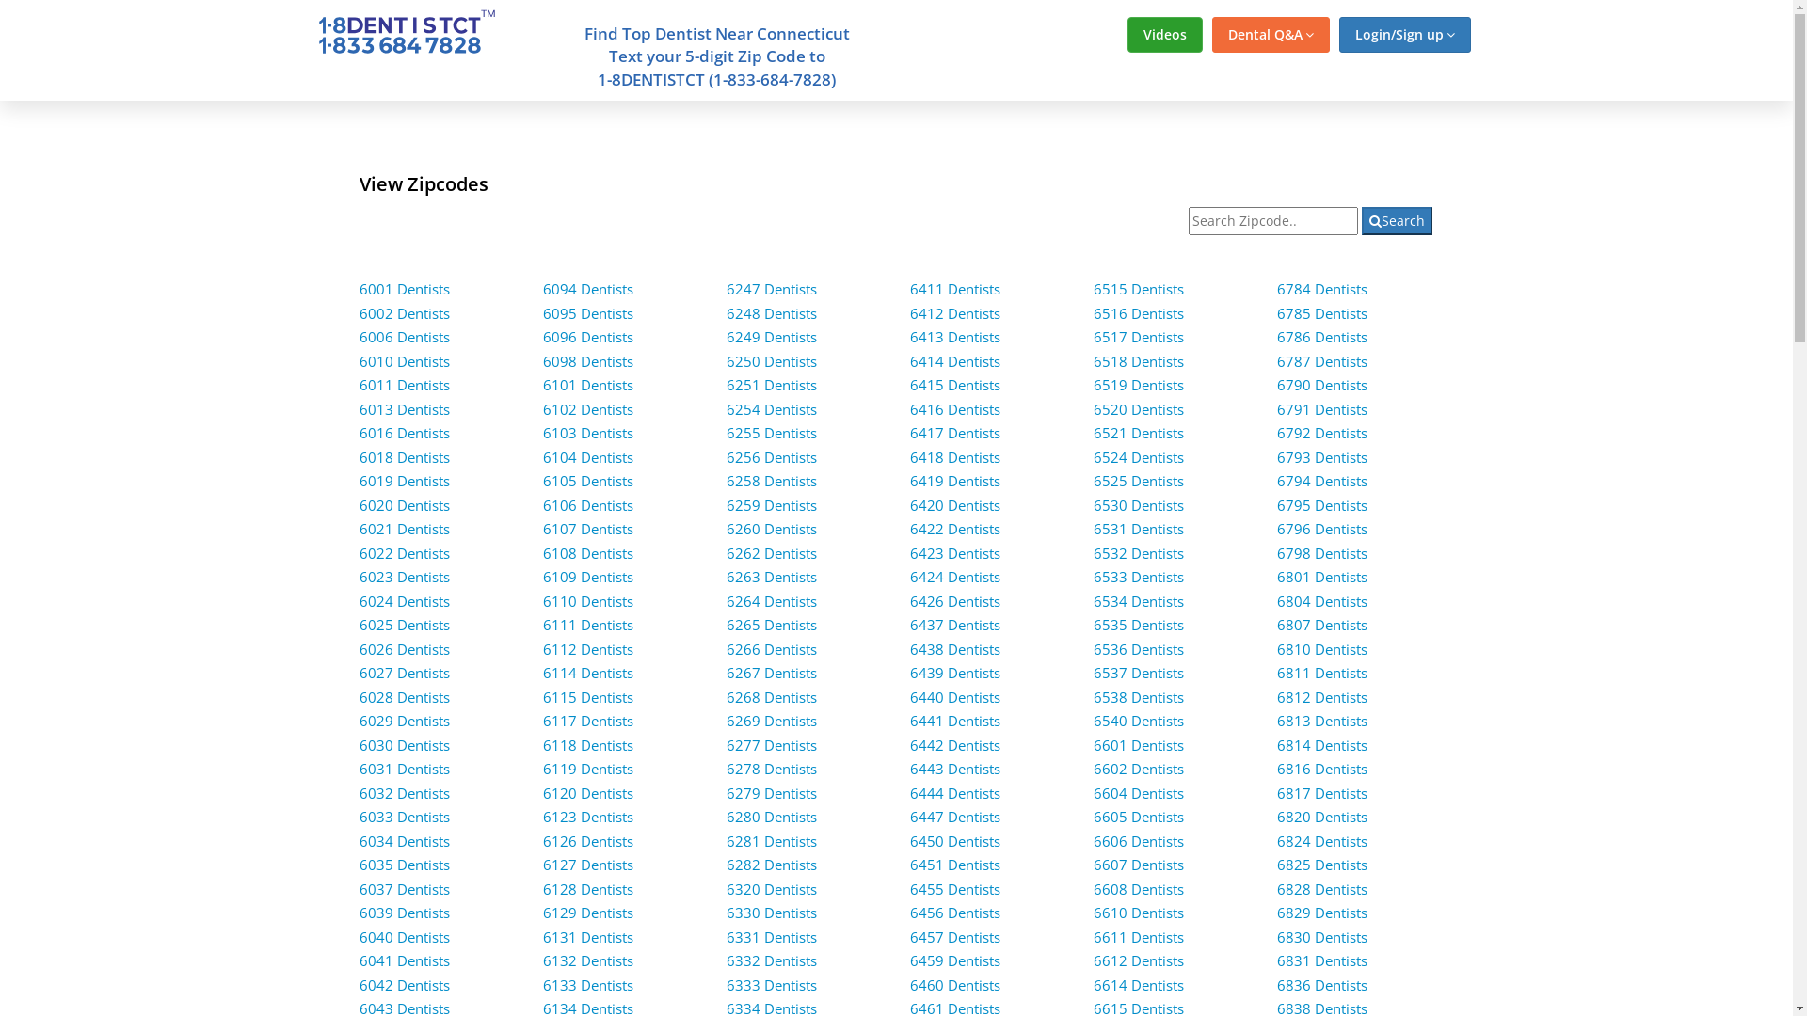 This screenshot has width=1807, height=1016. What do you see at coordinates (1277, 696) in the screenshot?
I see `'6812 Dentists'` at bounding box center [1277, 696].